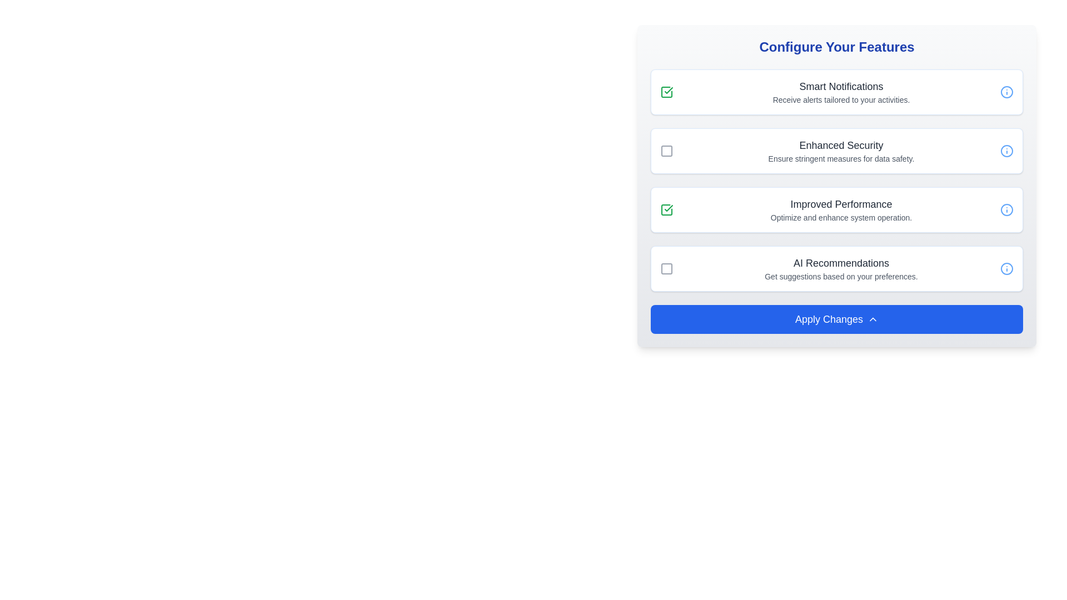 The image size is (1067, 600). I want to click on the Information Icon located in the 'Enhanced Security' section of the 'Configure Your Features' interface, so click(1006, 151).